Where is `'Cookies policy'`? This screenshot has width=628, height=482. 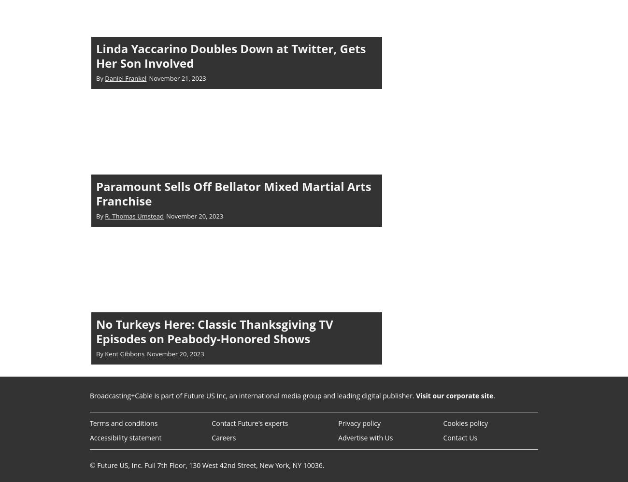
'Cookies policy' is located at coordinates (465, 423).